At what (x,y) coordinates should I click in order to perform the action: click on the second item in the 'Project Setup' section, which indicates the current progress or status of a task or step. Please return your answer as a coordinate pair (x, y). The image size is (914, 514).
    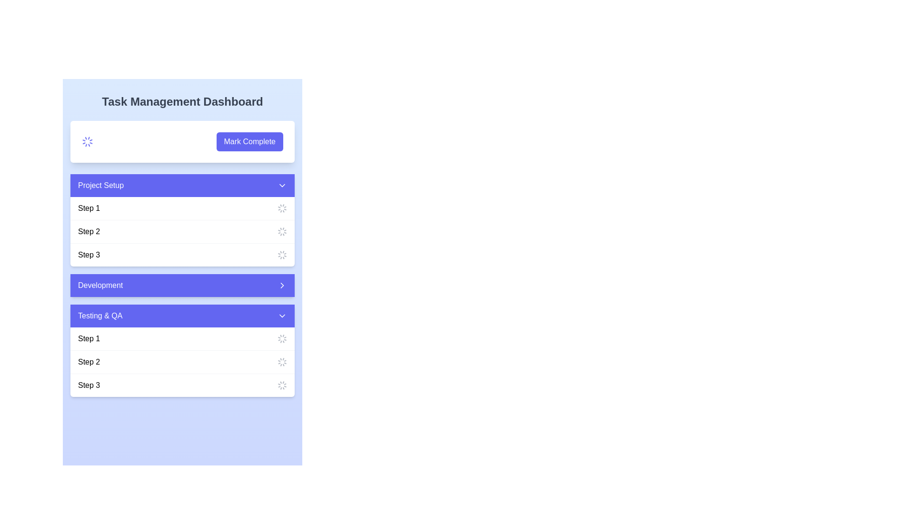
    Looking at the image, I should click on (182, 231).